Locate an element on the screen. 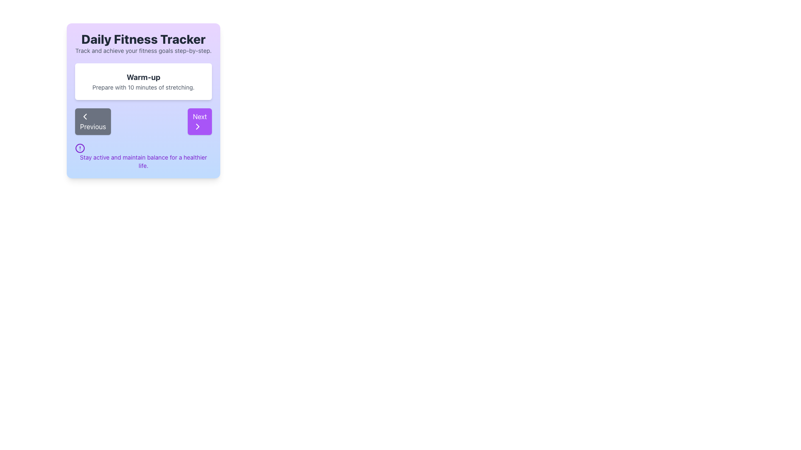 This screenshot has width=801, height=450. the text element that reads 'Track and achieve your fitness goals step-by-step', which is styled with small-sized light gray text and positioned below the title 'Daily Fitness Tracker' is located at coordinates (144, 51).